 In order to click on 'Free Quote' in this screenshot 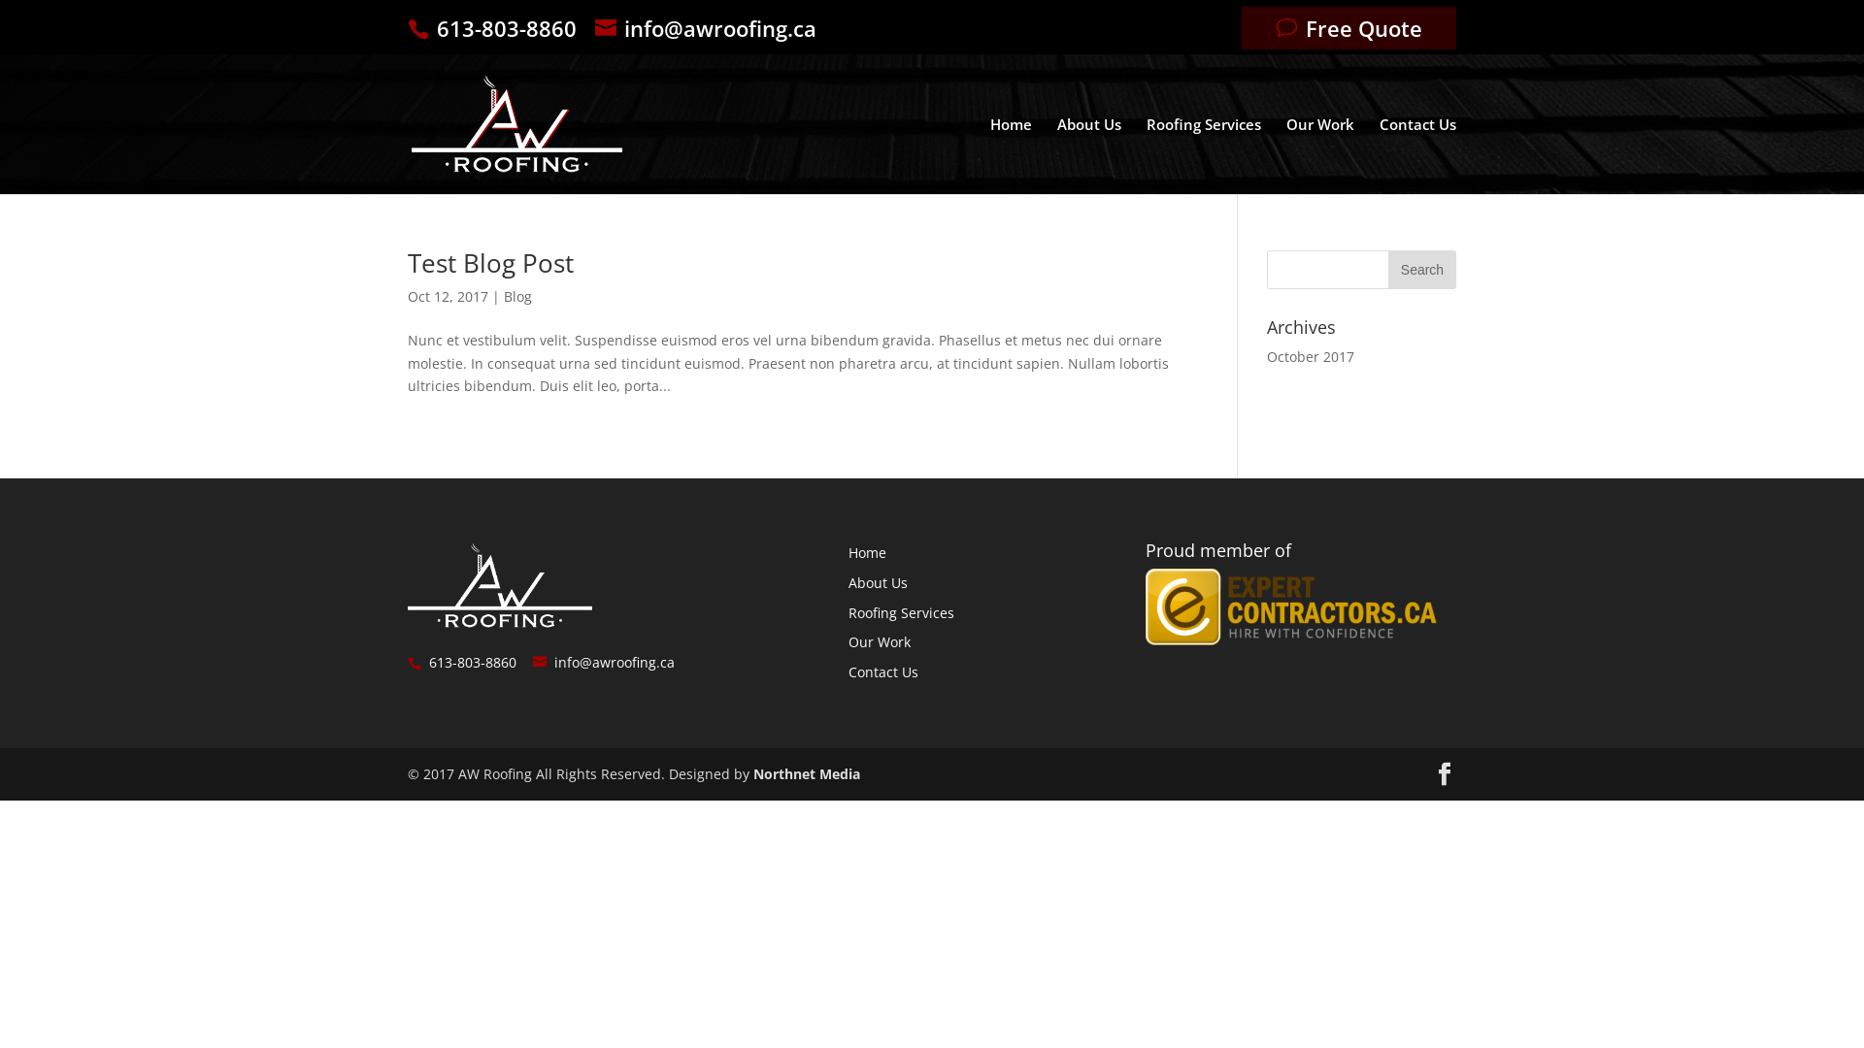, I will do `click(1348, 26)`.